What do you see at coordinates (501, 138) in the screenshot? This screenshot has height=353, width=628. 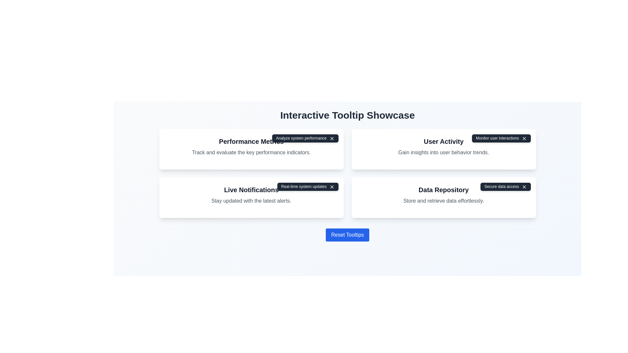 I see `the 'X' icon on the label in the 'User Activity' section` at bounding box center [501, 138].